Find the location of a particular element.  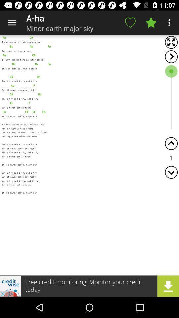

expand full screen icon is located at coordinates (171, 42).